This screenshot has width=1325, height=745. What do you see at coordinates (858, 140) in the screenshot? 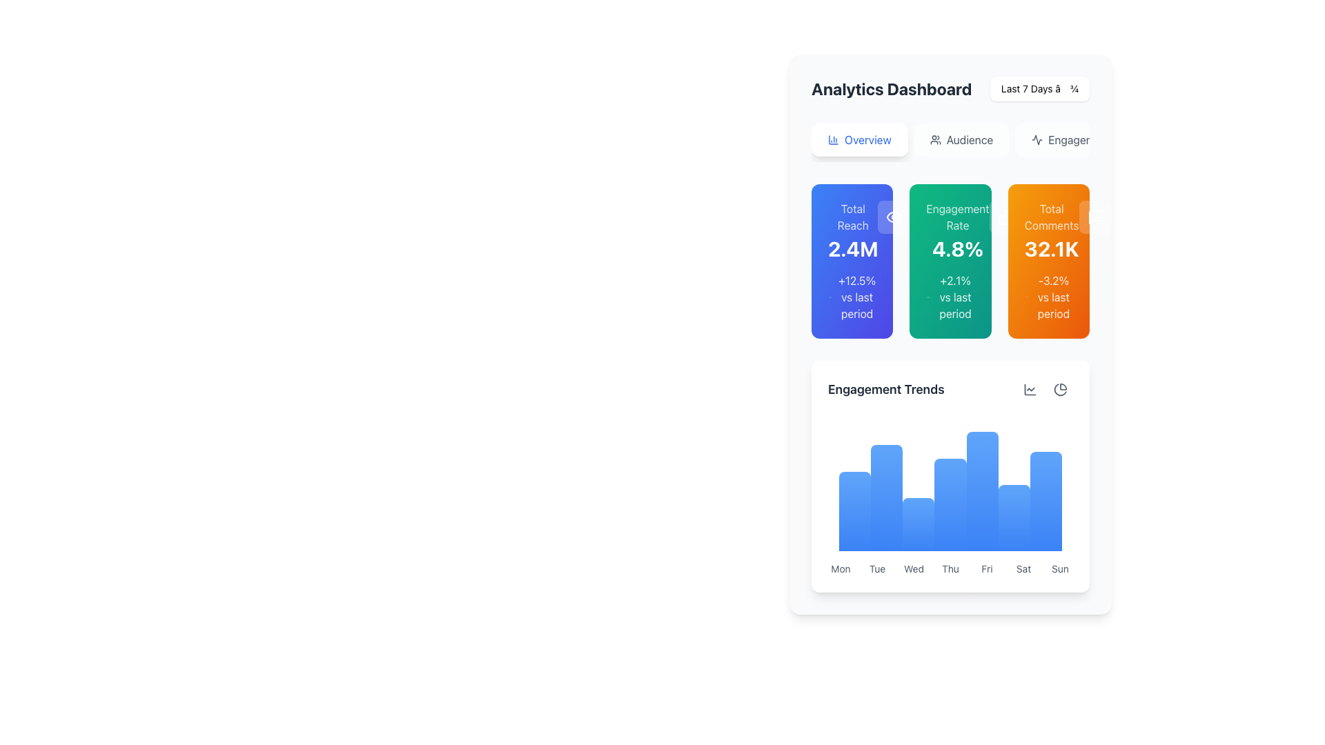
I see `the 'Overview' button, which is a rectangular button with rounded corners, a white background, blue text, and a chart column icon, located beneath the 'Analytics Dashboard' header` at bounding box center [858, 140].